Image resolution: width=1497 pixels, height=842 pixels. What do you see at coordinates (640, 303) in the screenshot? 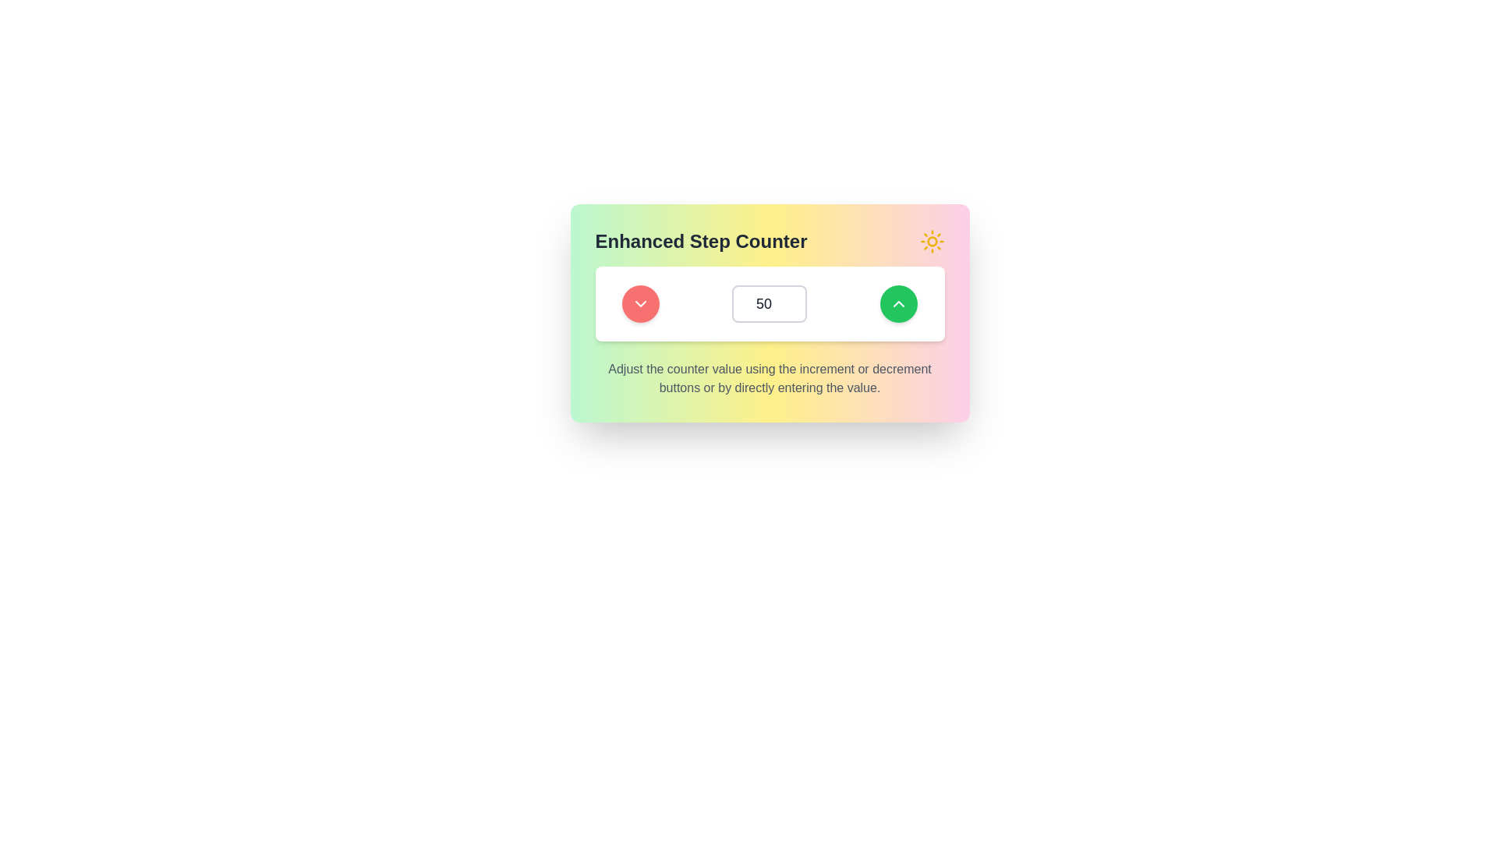
I see `the button to decrease the numeric value in the input field, located to the left of the numeric input box within the 'Enhanced Step Counter' card` at bounding box center [640, 303].